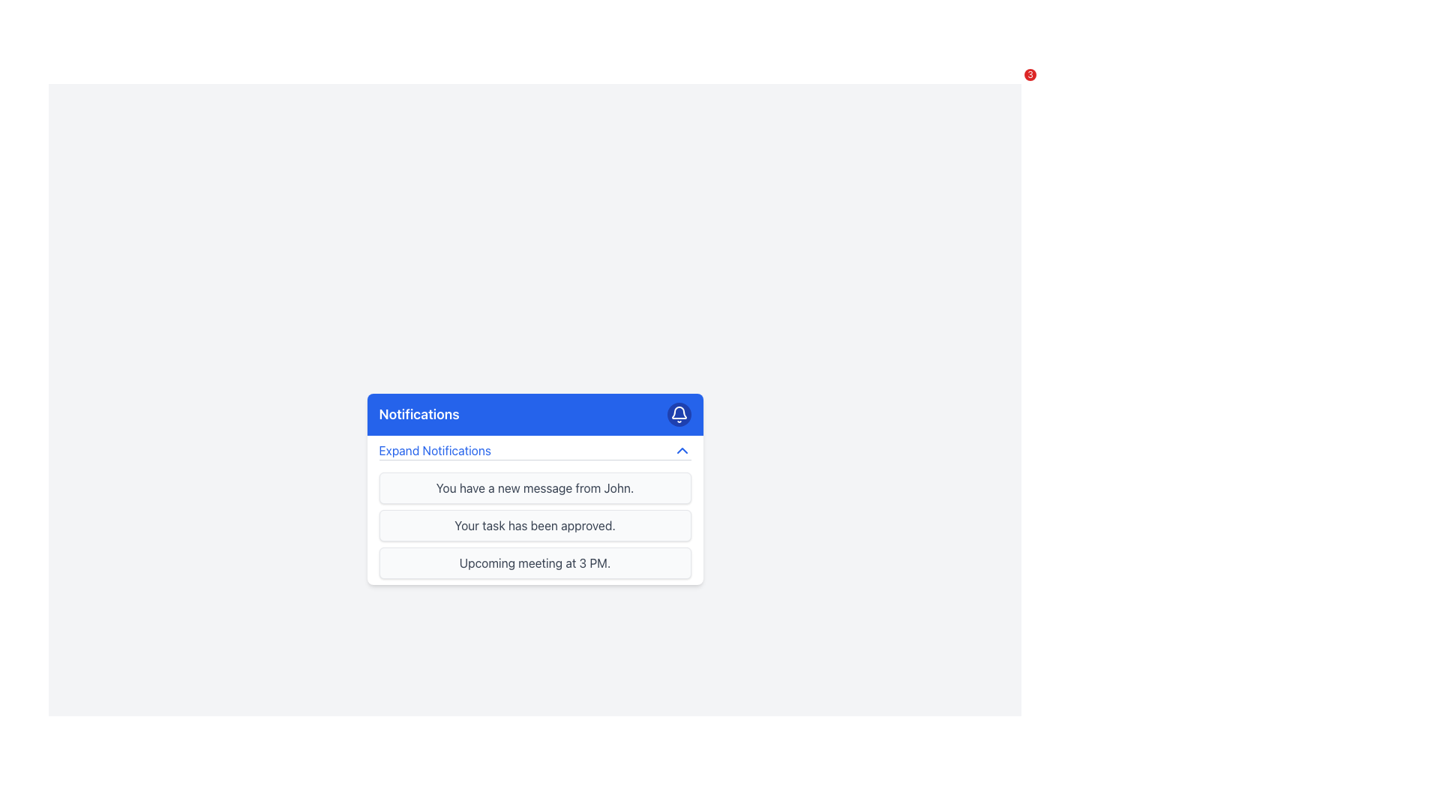 The width and height of the screenshot is (1440, 810). I want to click on the circular blue button with a bell icon located at the top-right corner of the header section labeled 'Notifications', so click(678, 414).